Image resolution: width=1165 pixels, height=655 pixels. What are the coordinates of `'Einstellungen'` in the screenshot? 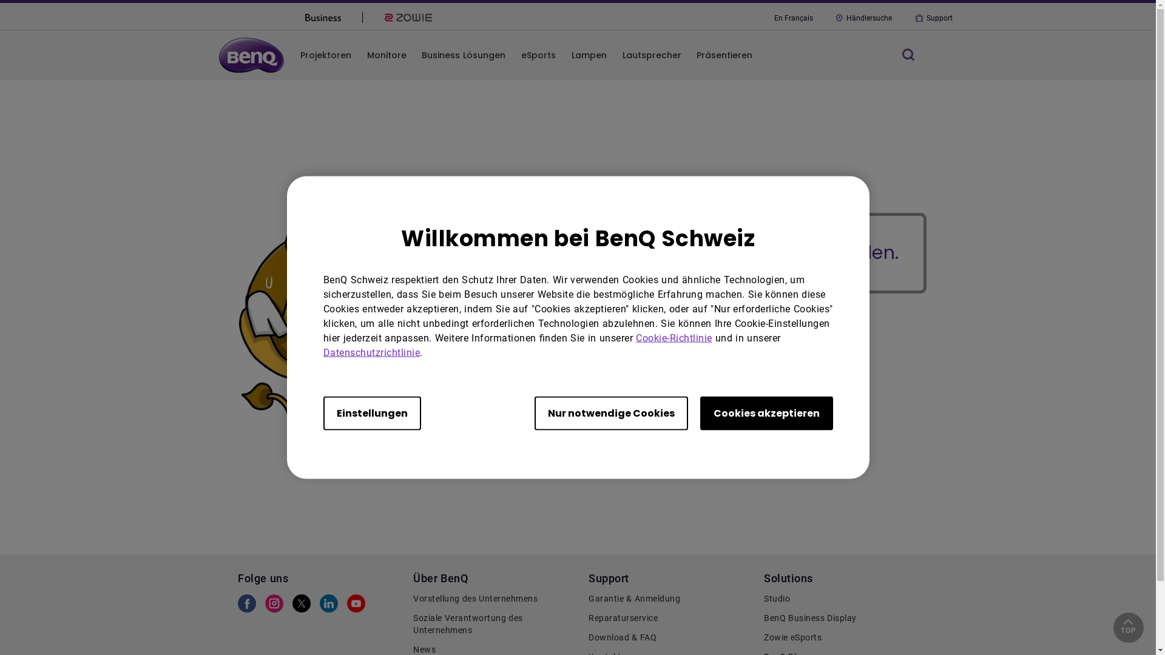 It's located at (371, 412).